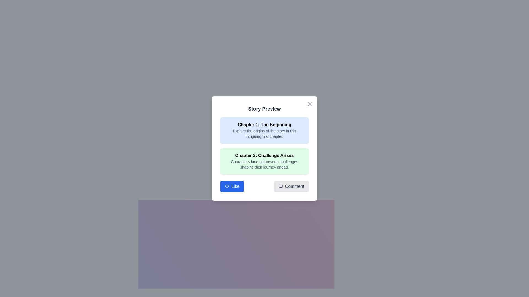 The width and height of the screenshot is (529, 297). What do you see at coordinates (280, 186) in the screenshot?
I see `the 'Comment' icon, which is a vector graphic located near the bottom of the interface` at bounding box center [280, 186].